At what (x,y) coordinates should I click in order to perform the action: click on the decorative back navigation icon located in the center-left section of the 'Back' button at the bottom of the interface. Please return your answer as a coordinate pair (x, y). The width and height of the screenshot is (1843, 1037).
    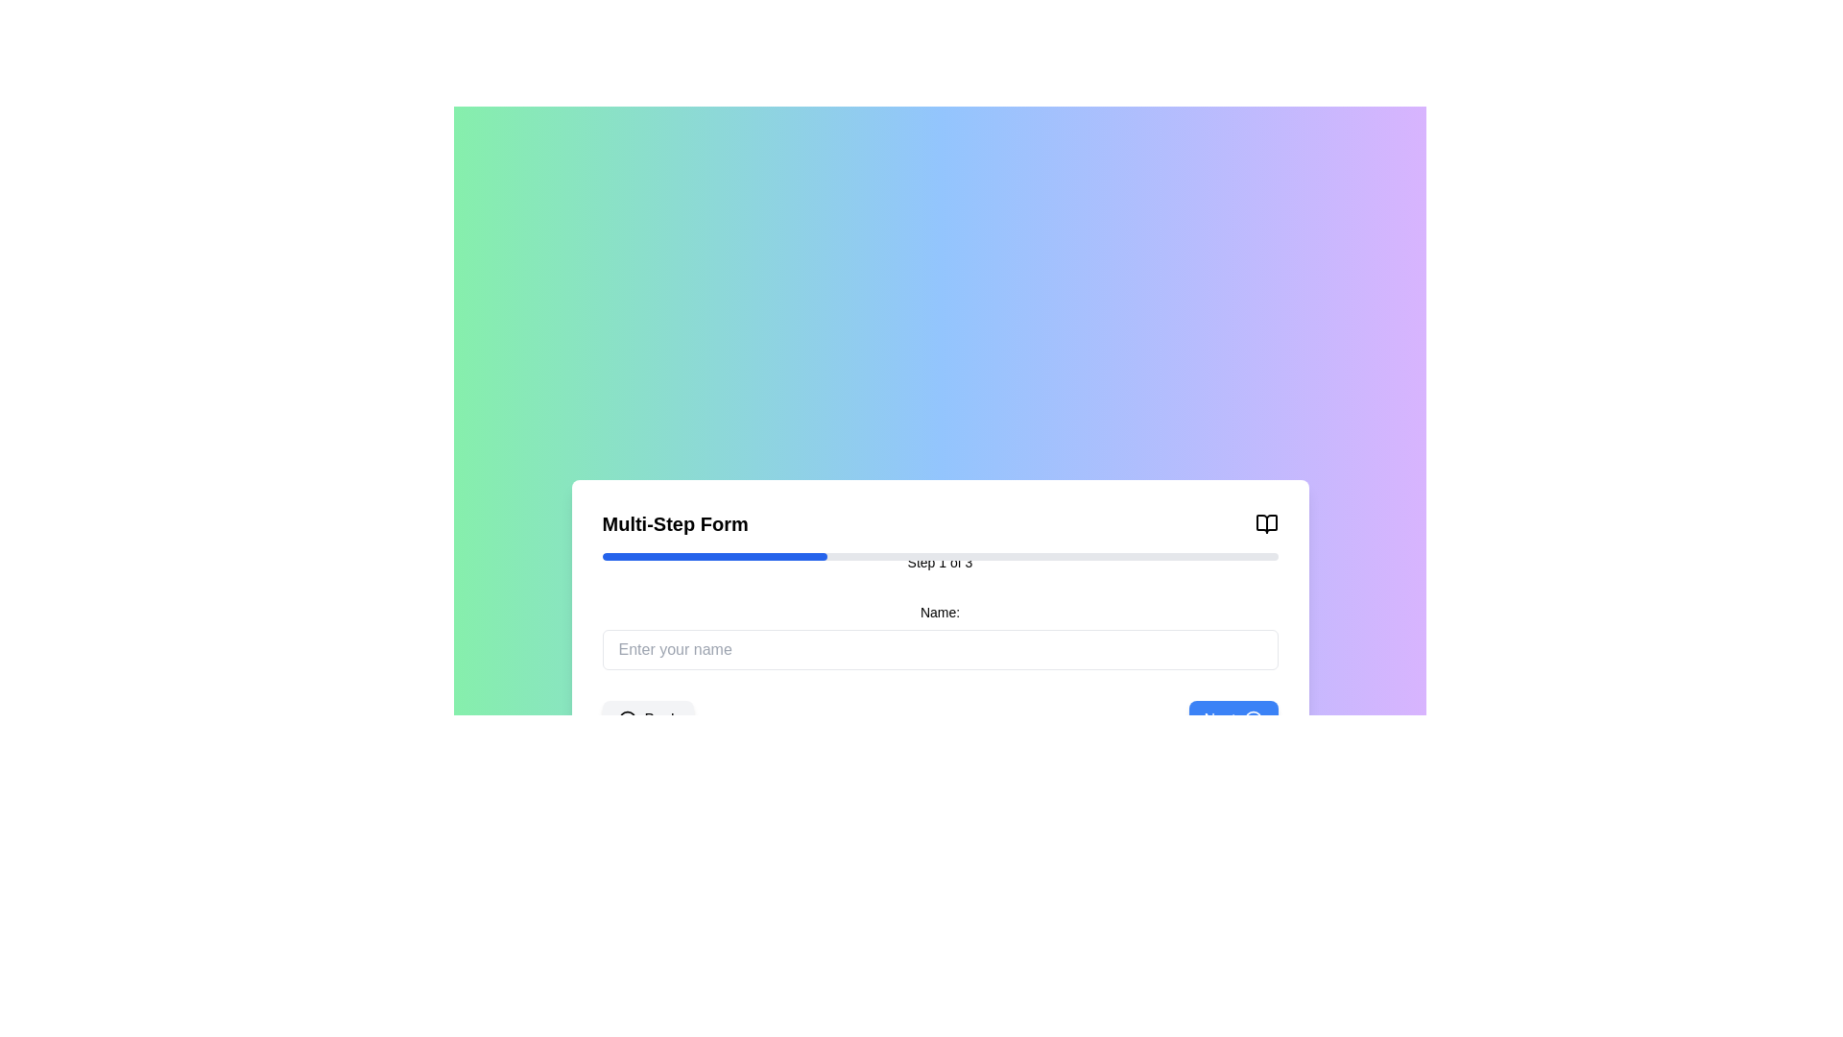
    Looking at the image, I should click on (627, 719).